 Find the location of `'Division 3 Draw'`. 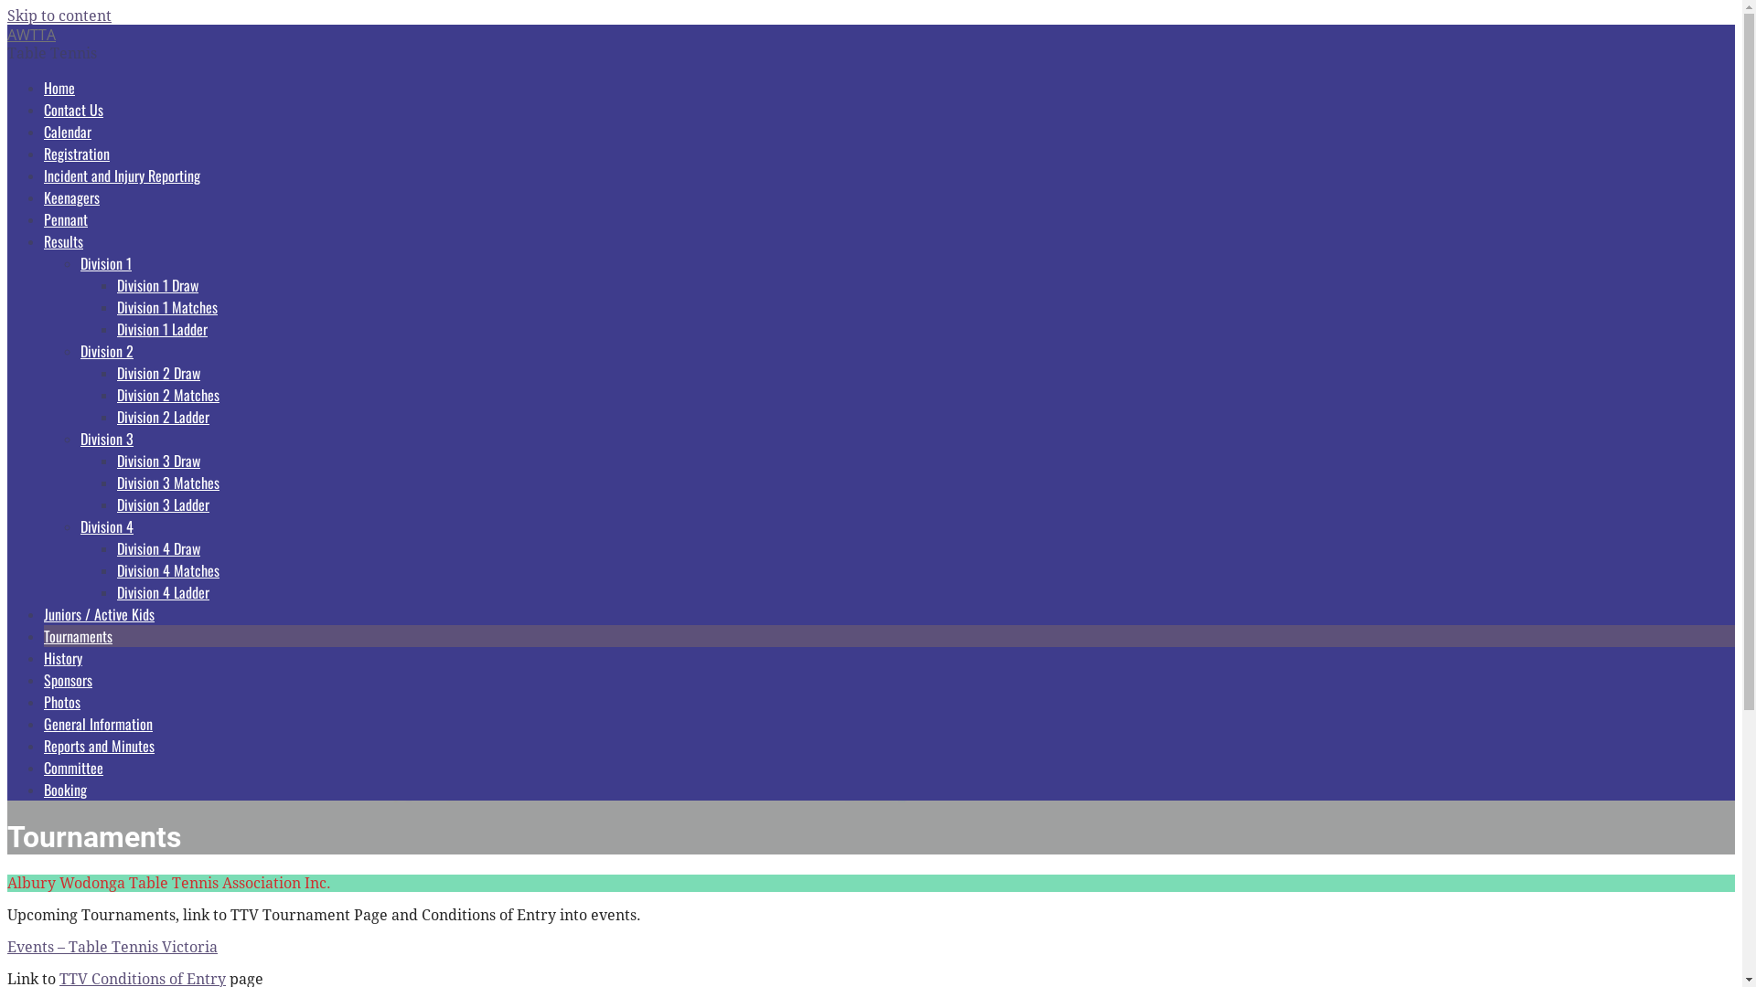

'Division 3 Draw' is located at coordinates (158, 460).